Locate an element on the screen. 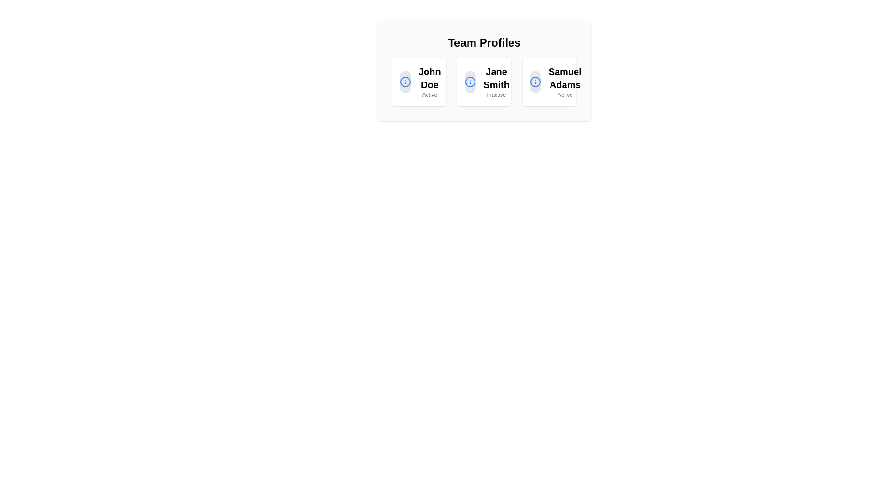 This screenshot has width=895, height=503. the central circle of the information icon in the 'Jane Smith' profile card, located in the 'Team Profiles' section is located at coordinates (470, 82).